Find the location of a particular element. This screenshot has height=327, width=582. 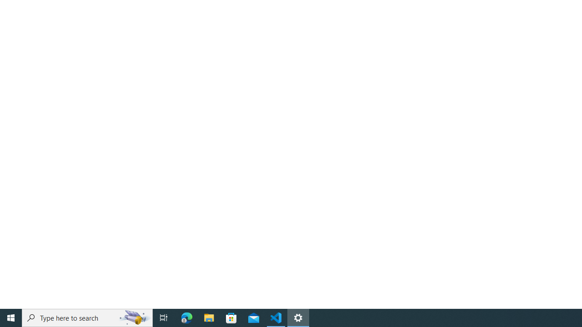

'Visual Studio Code - 1 running window' is located at coordinates (276, 317).